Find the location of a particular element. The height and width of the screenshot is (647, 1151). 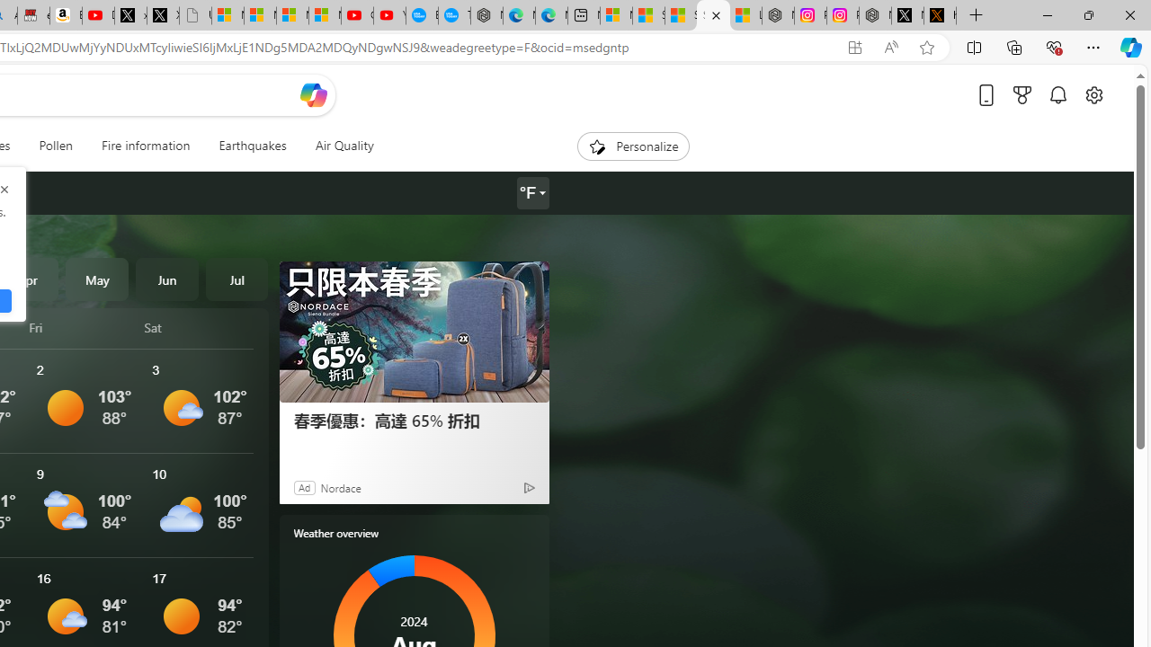

'May' is located at coordinates (96, 279).